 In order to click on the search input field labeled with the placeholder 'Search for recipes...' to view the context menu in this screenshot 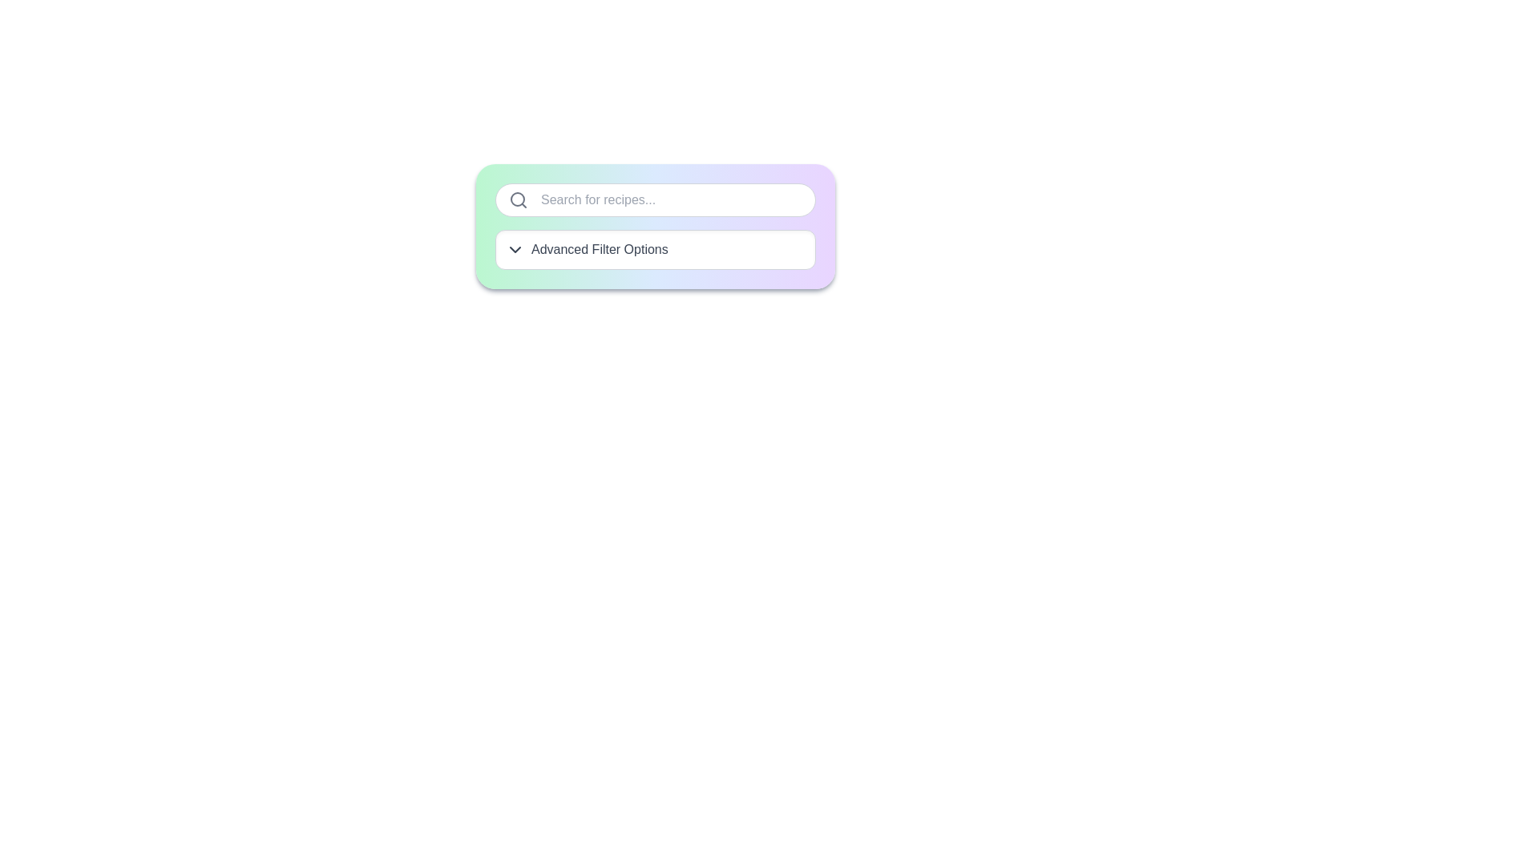, I will do `click(655, 199)`.